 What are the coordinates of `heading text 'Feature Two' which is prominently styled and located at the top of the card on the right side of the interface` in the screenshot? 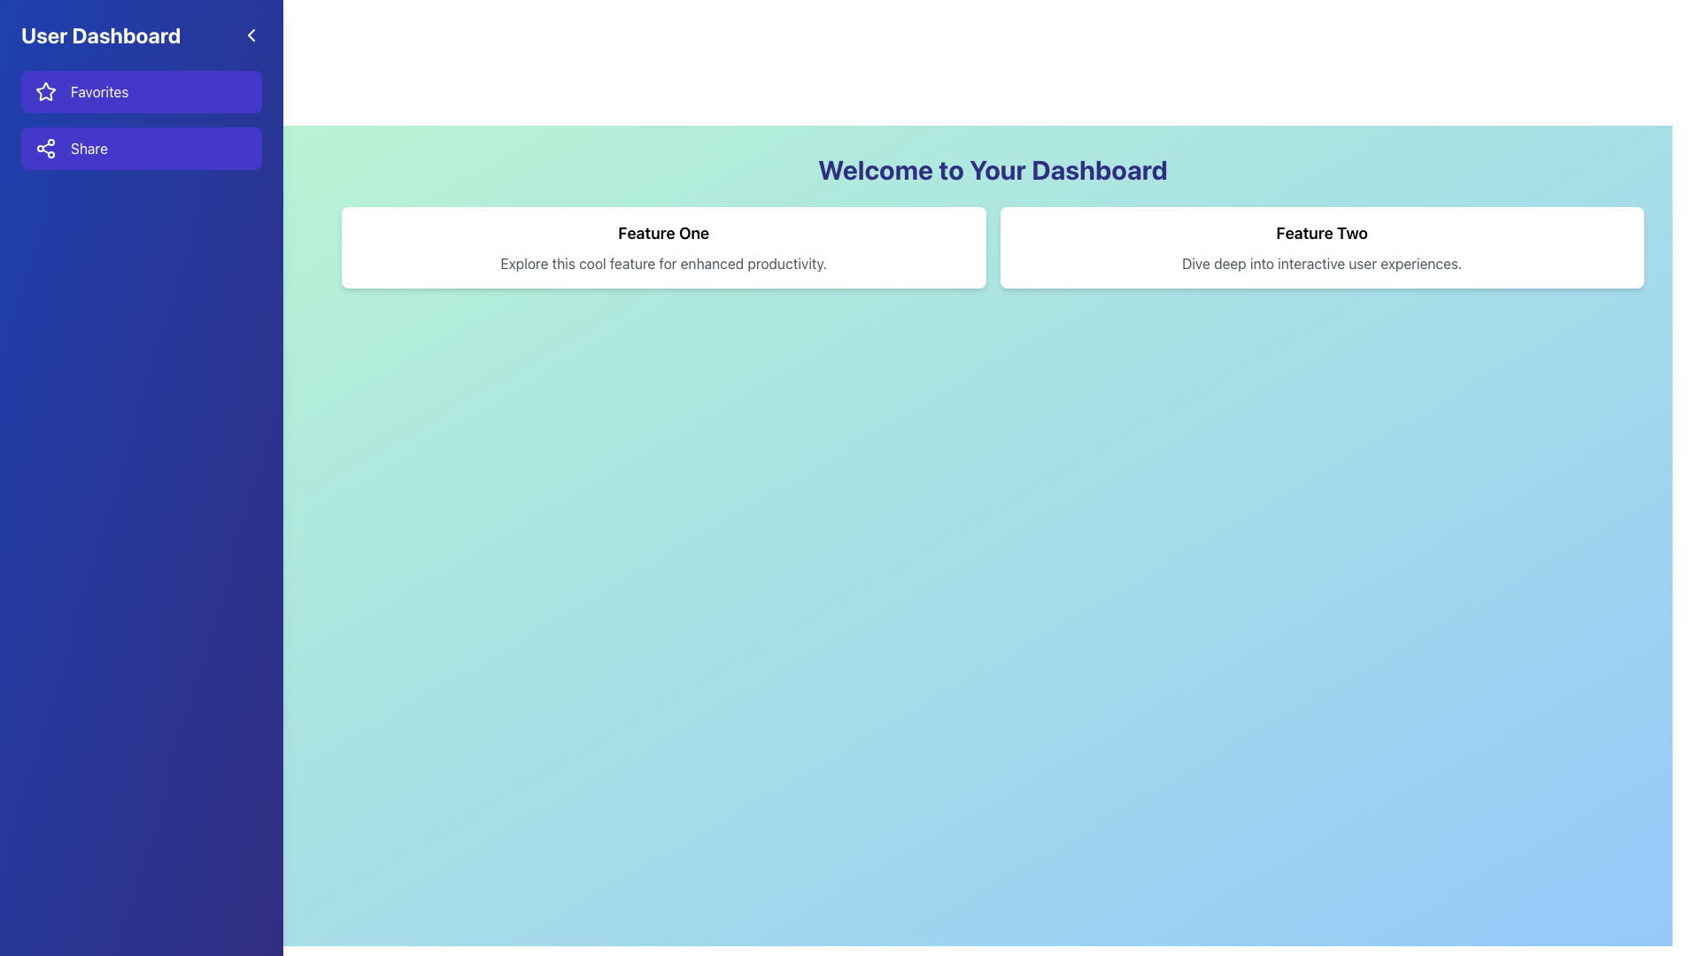 It's located at (1321, 232).